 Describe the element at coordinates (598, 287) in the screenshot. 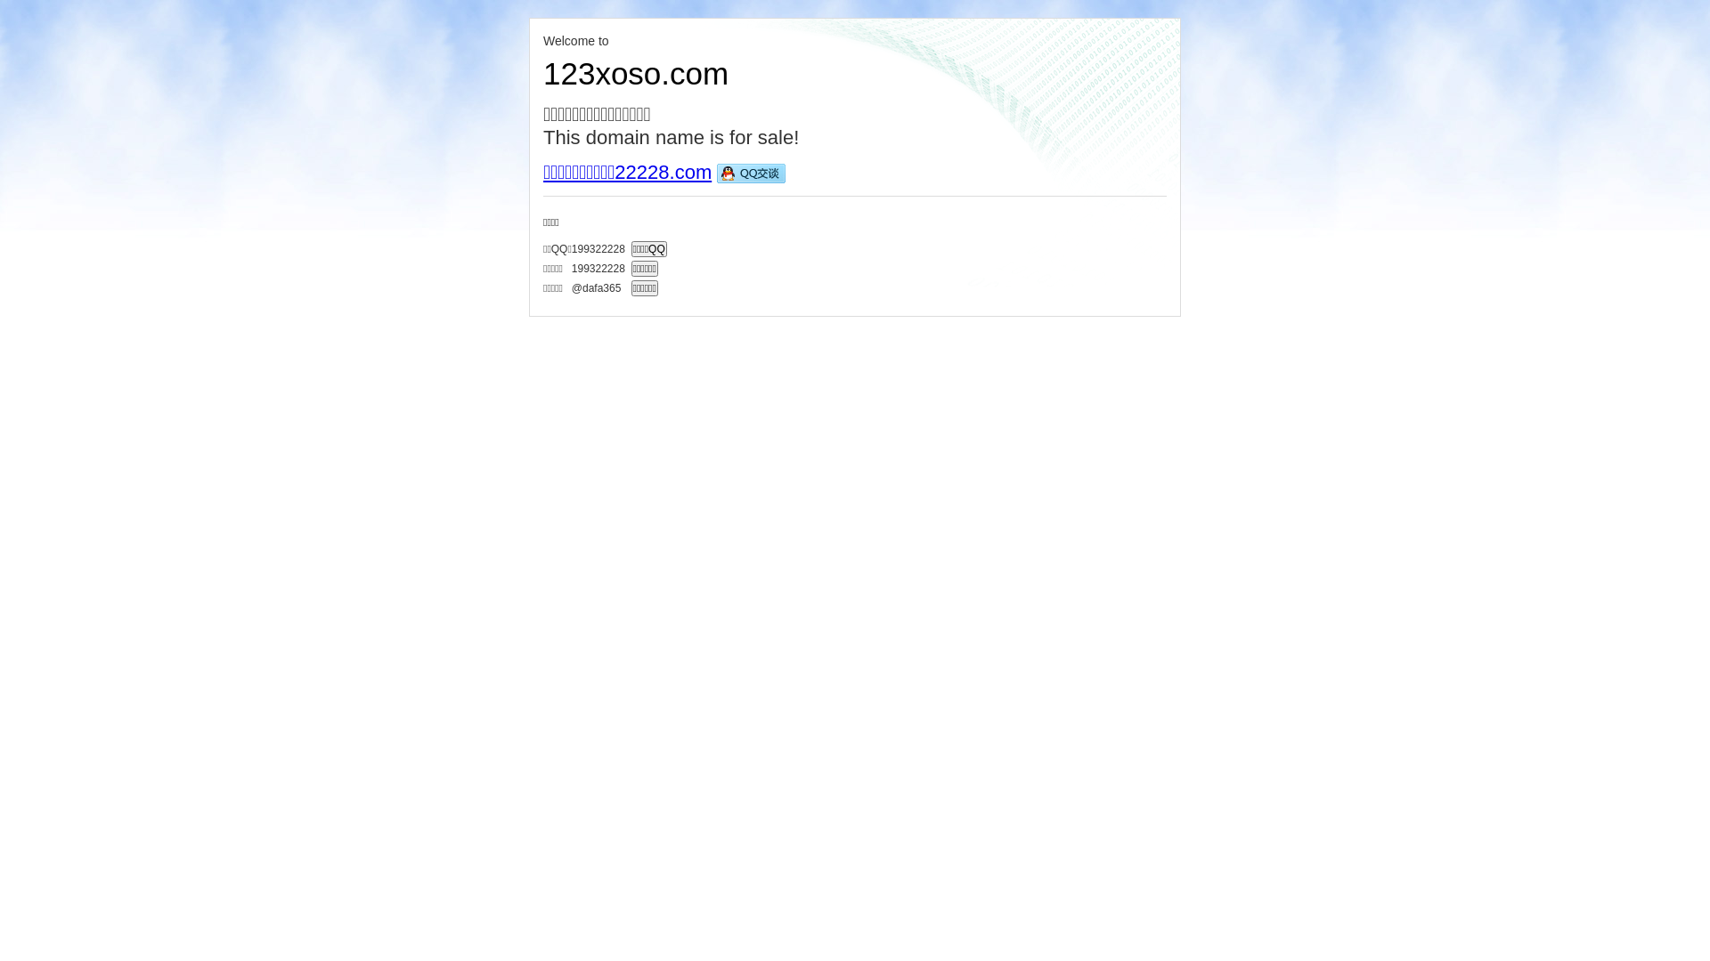

I see `'@dafa365'` at that location.